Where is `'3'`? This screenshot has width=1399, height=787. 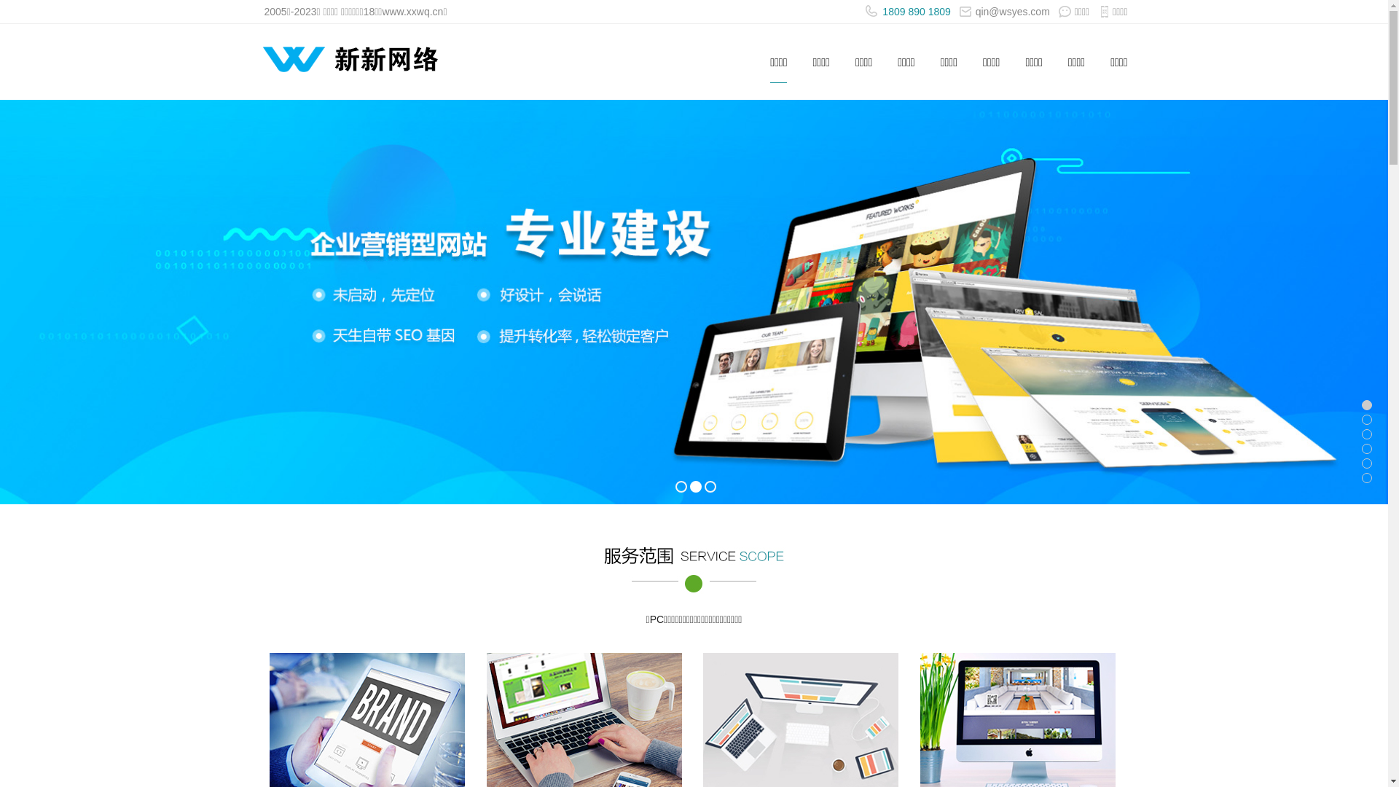 '3' is located at coordinates (710, 486).